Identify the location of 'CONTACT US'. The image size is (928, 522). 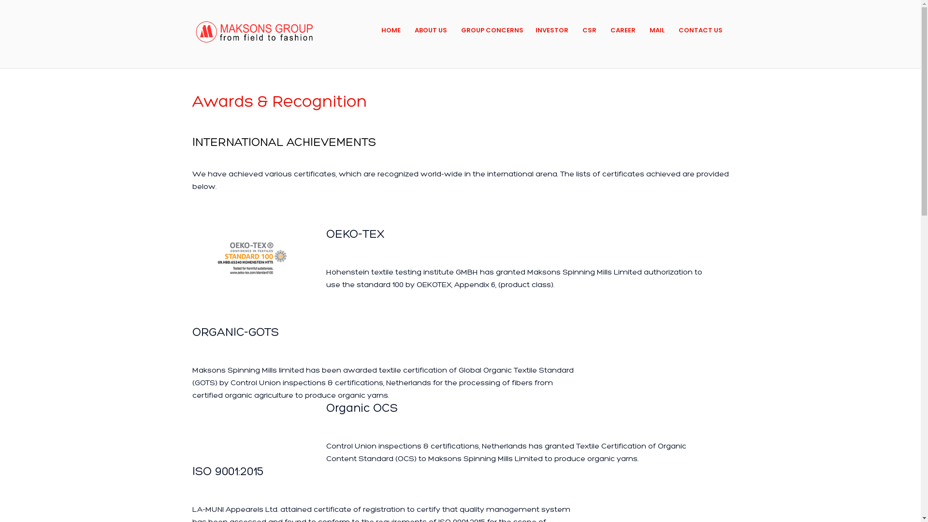
(678, 29).